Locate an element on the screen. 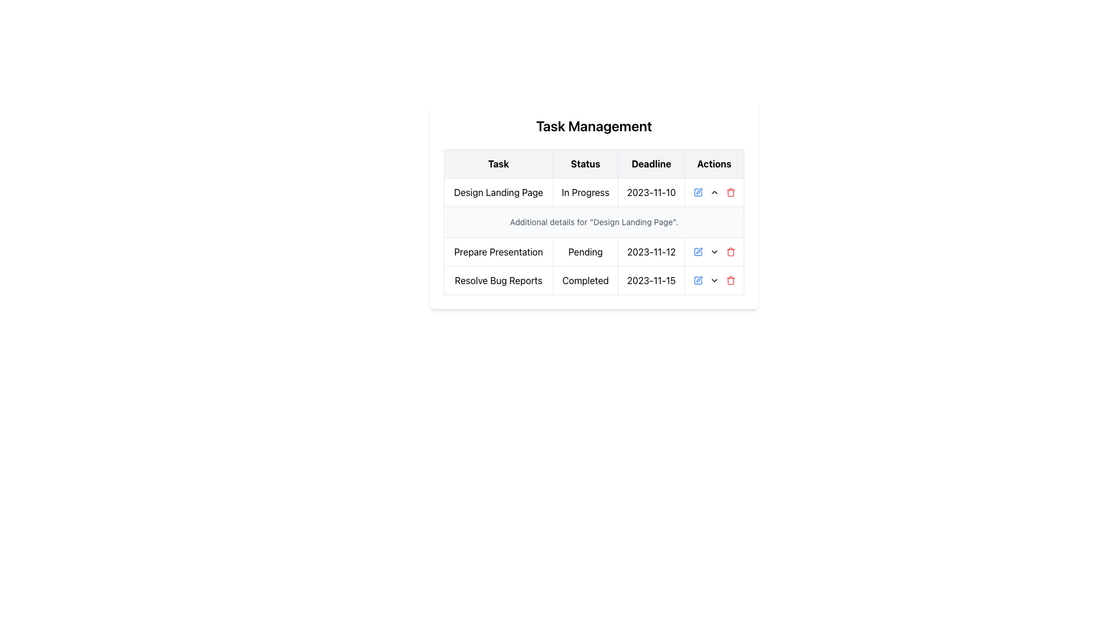  the heading text label that indicates the theme of the task management section is located at coordinates (594, 126).